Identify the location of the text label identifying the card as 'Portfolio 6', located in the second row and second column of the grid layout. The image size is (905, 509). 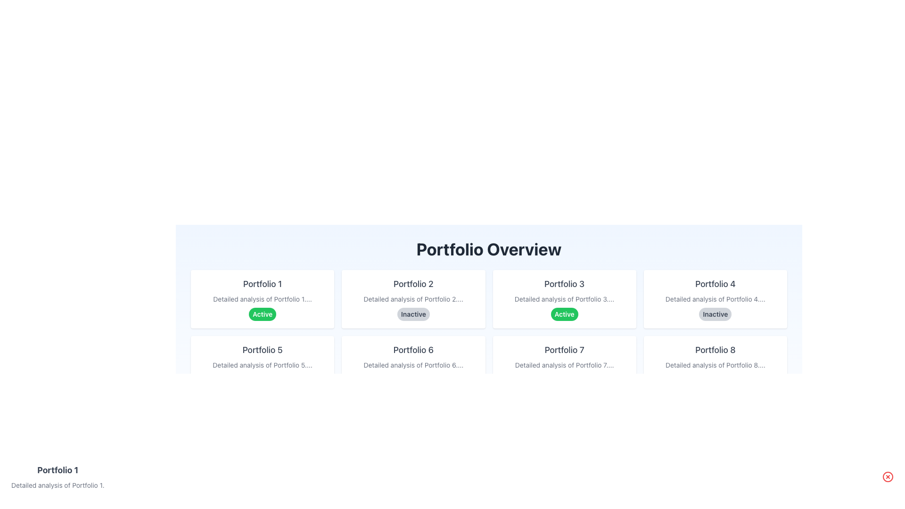
(413, 350).